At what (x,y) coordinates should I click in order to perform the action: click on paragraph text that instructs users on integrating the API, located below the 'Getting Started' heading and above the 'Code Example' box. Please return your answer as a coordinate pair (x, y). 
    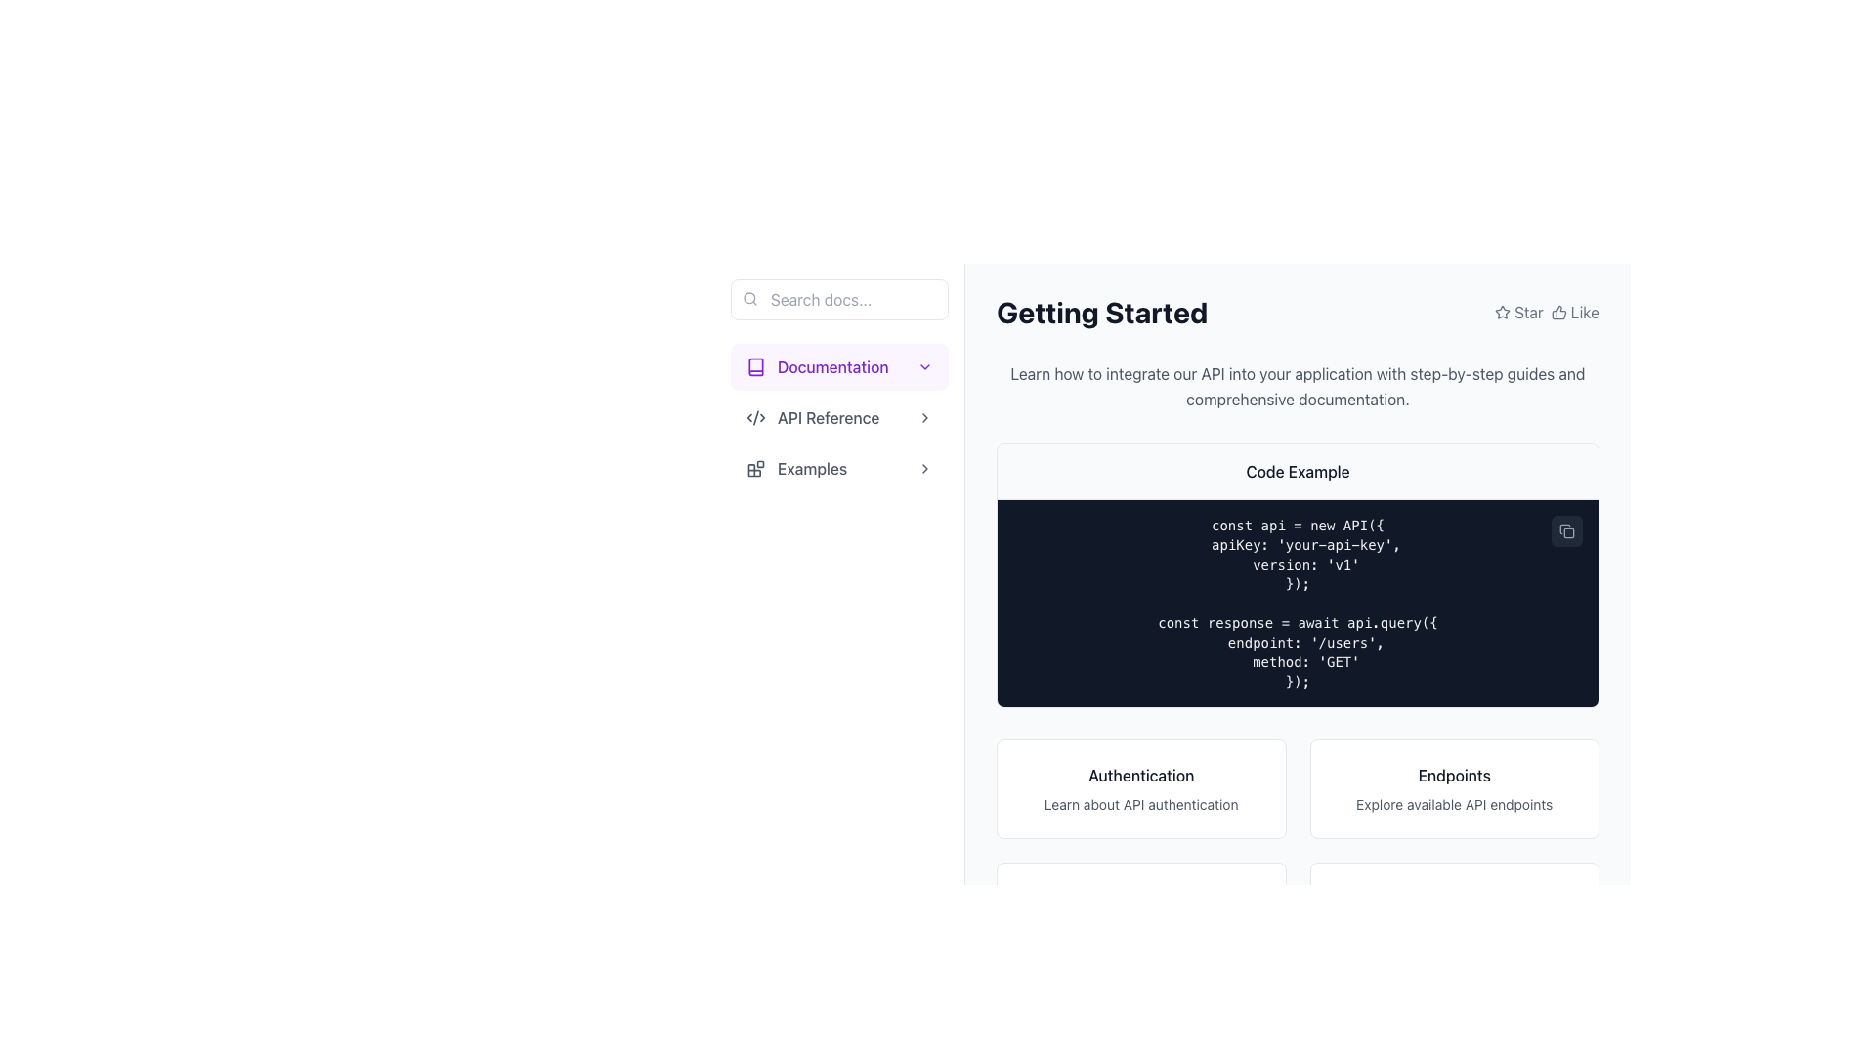
    Looking at the image, I should click on (1298, 387).